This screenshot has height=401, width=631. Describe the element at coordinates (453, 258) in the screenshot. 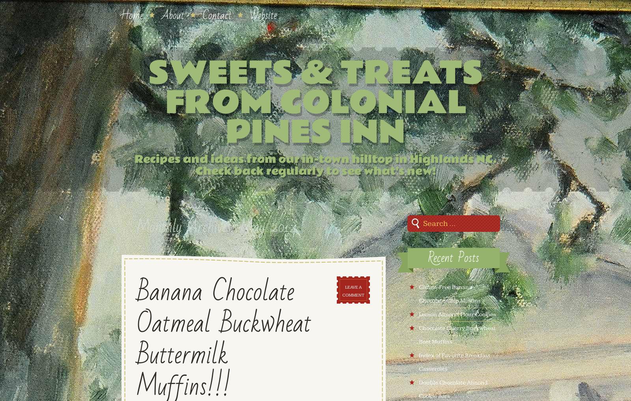

I see `'Recent Posts'` at that location.